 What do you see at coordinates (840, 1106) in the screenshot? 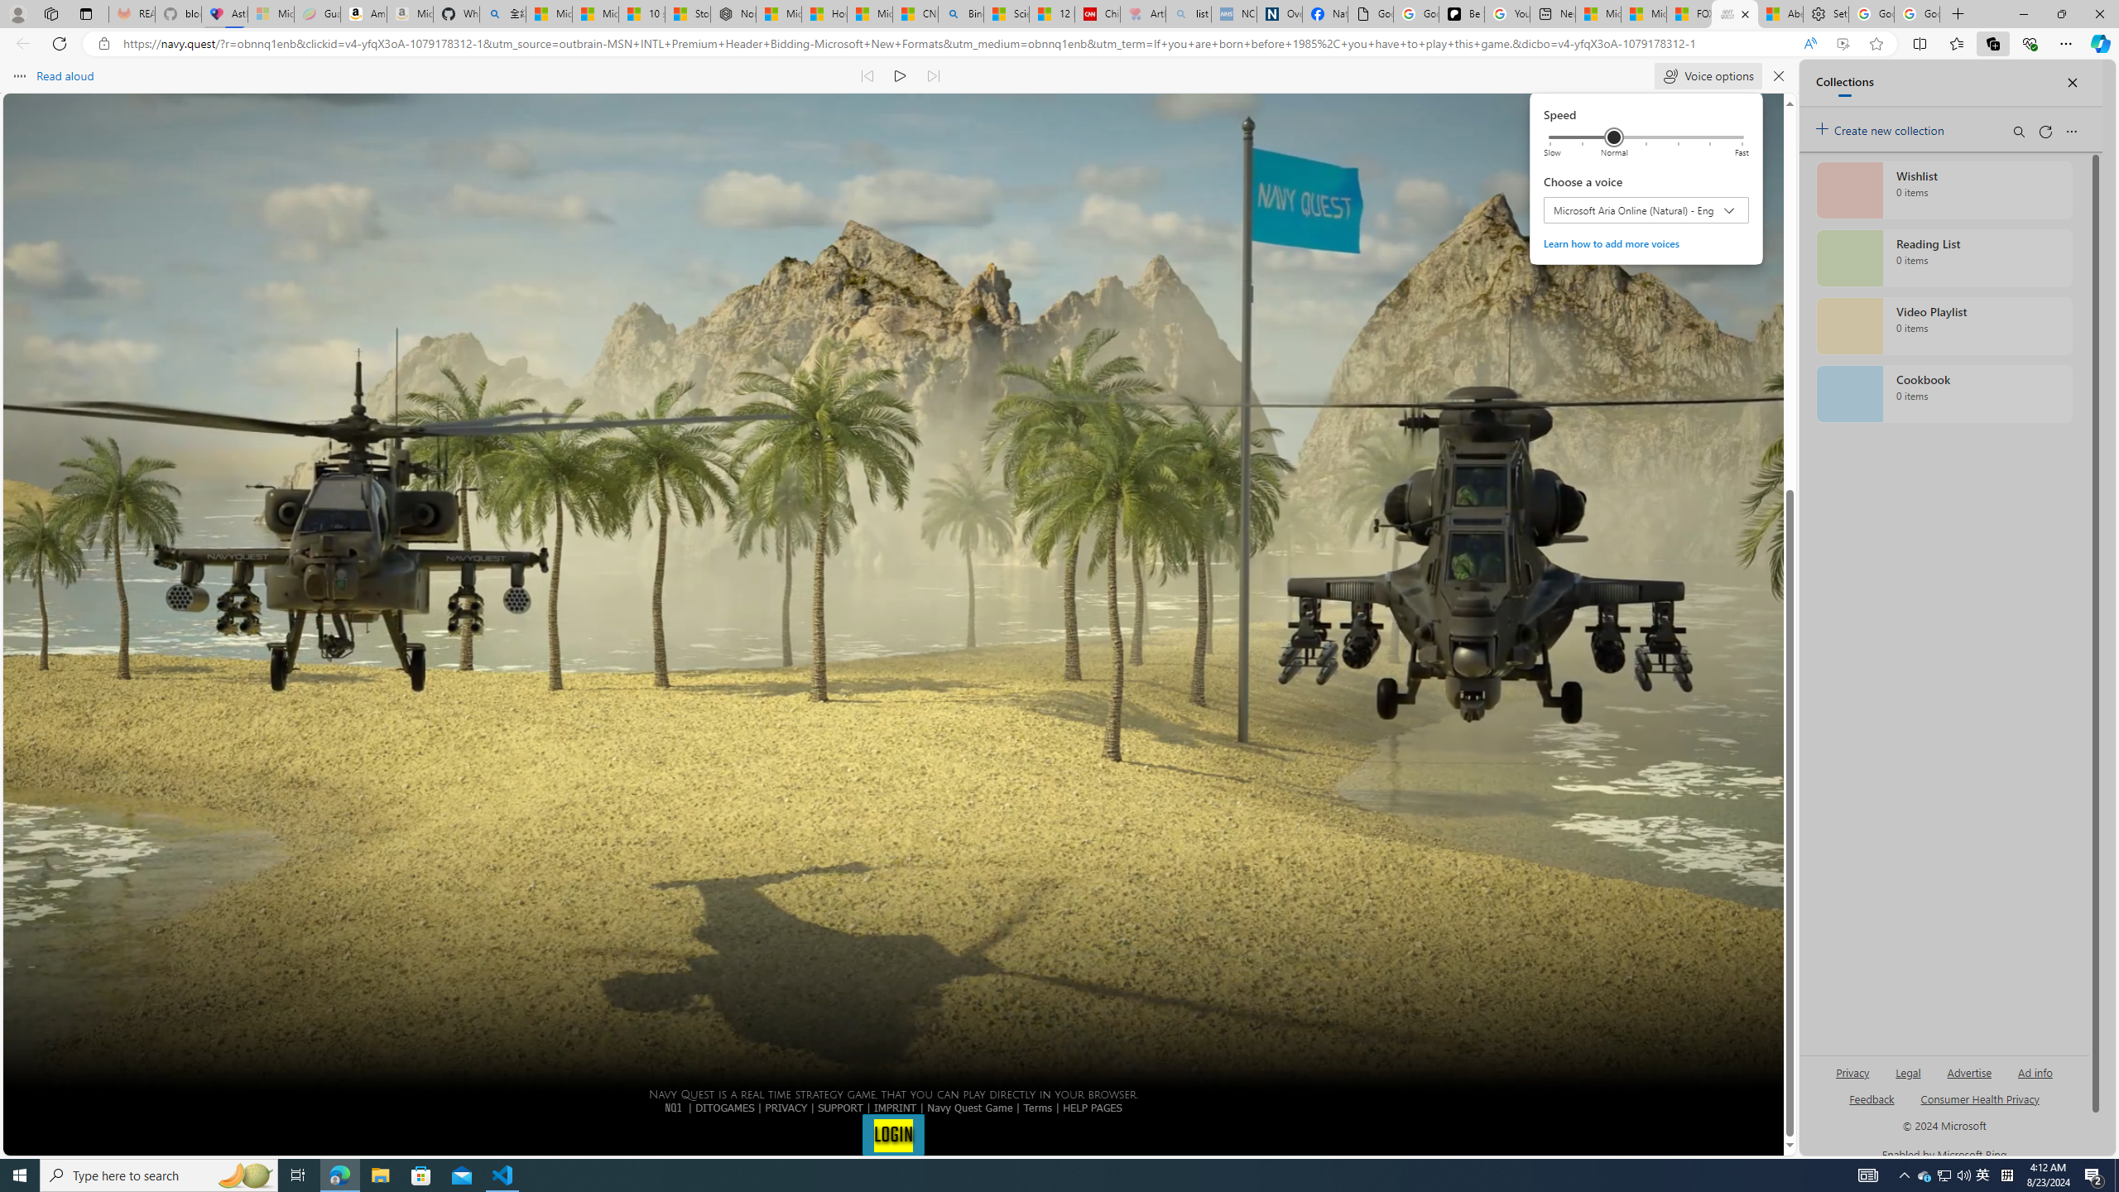
I see `'SUPPORT'` at bounding box center [840, 1106].